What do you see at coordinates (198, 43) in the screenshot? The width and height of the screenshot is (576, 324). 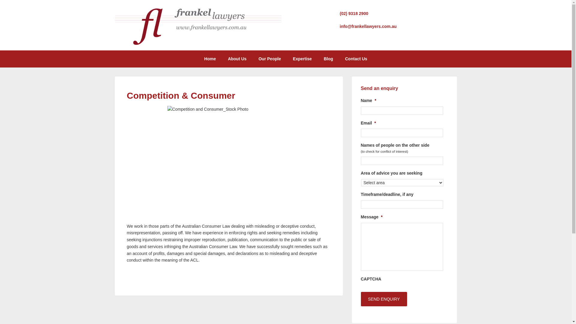 I see `'Frankel Lawyers'` at bounding box center [198, 43].